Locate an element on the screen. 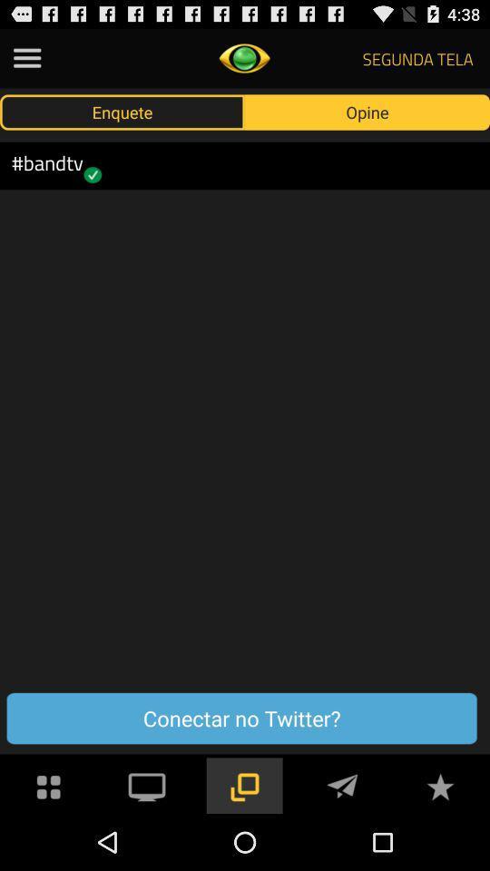  the icon next to enquete item is located at coordinates (367, 111).